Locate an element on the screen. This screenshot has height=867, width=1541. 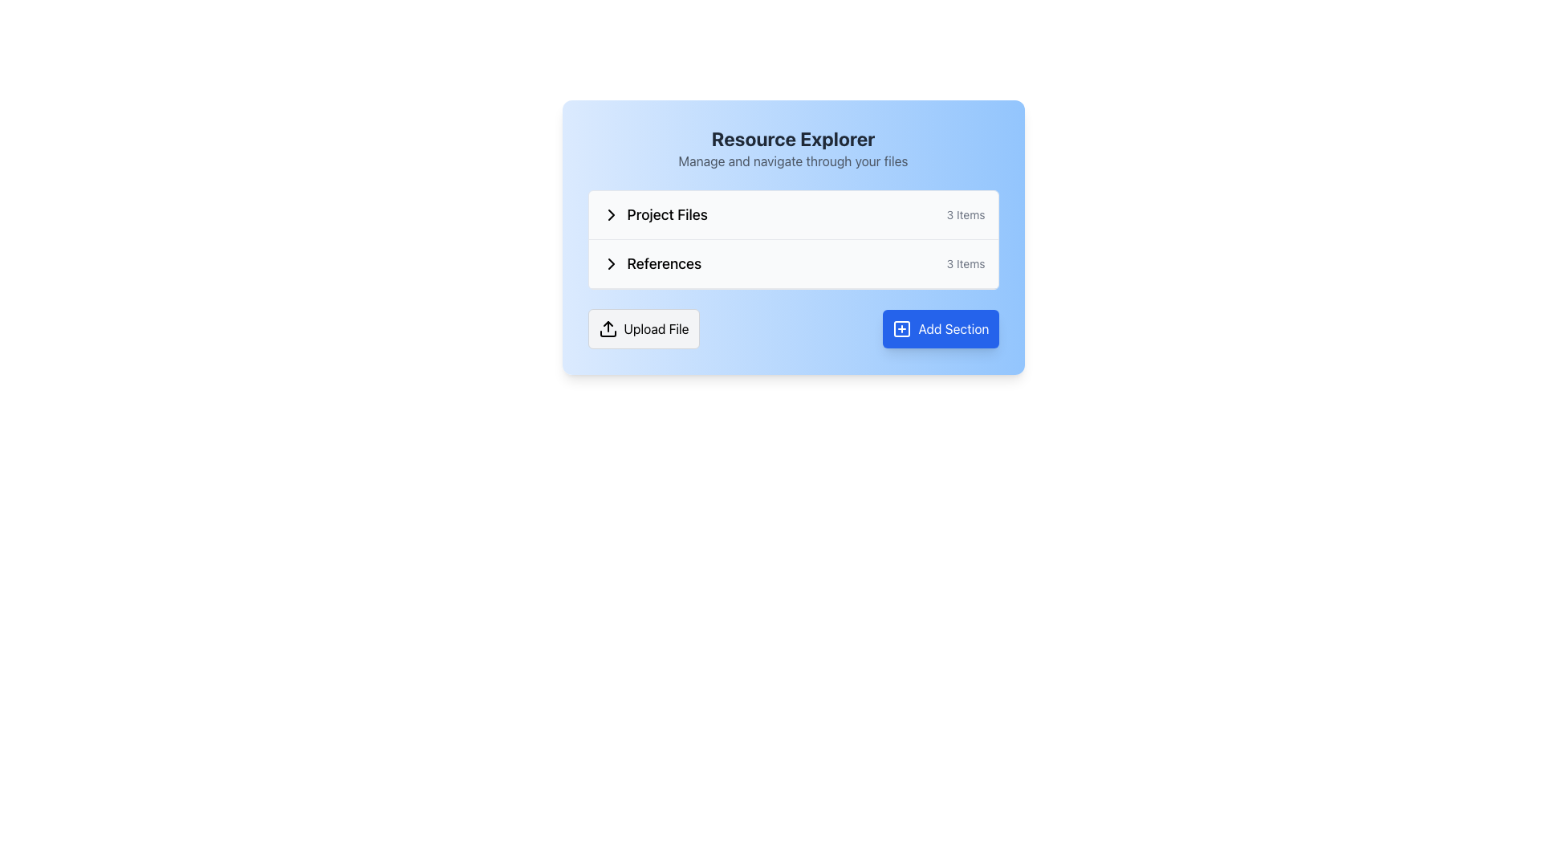
the navigation button located below 'Project Files' and above 'Upload File' is located at coordinates (793, 263).